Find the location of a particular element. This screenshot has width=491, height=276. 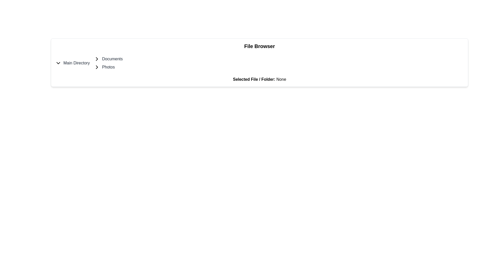

the Text label that indicates the currently selected file or folder in the File Browser section of the interface is located at coordinates (254, 79).